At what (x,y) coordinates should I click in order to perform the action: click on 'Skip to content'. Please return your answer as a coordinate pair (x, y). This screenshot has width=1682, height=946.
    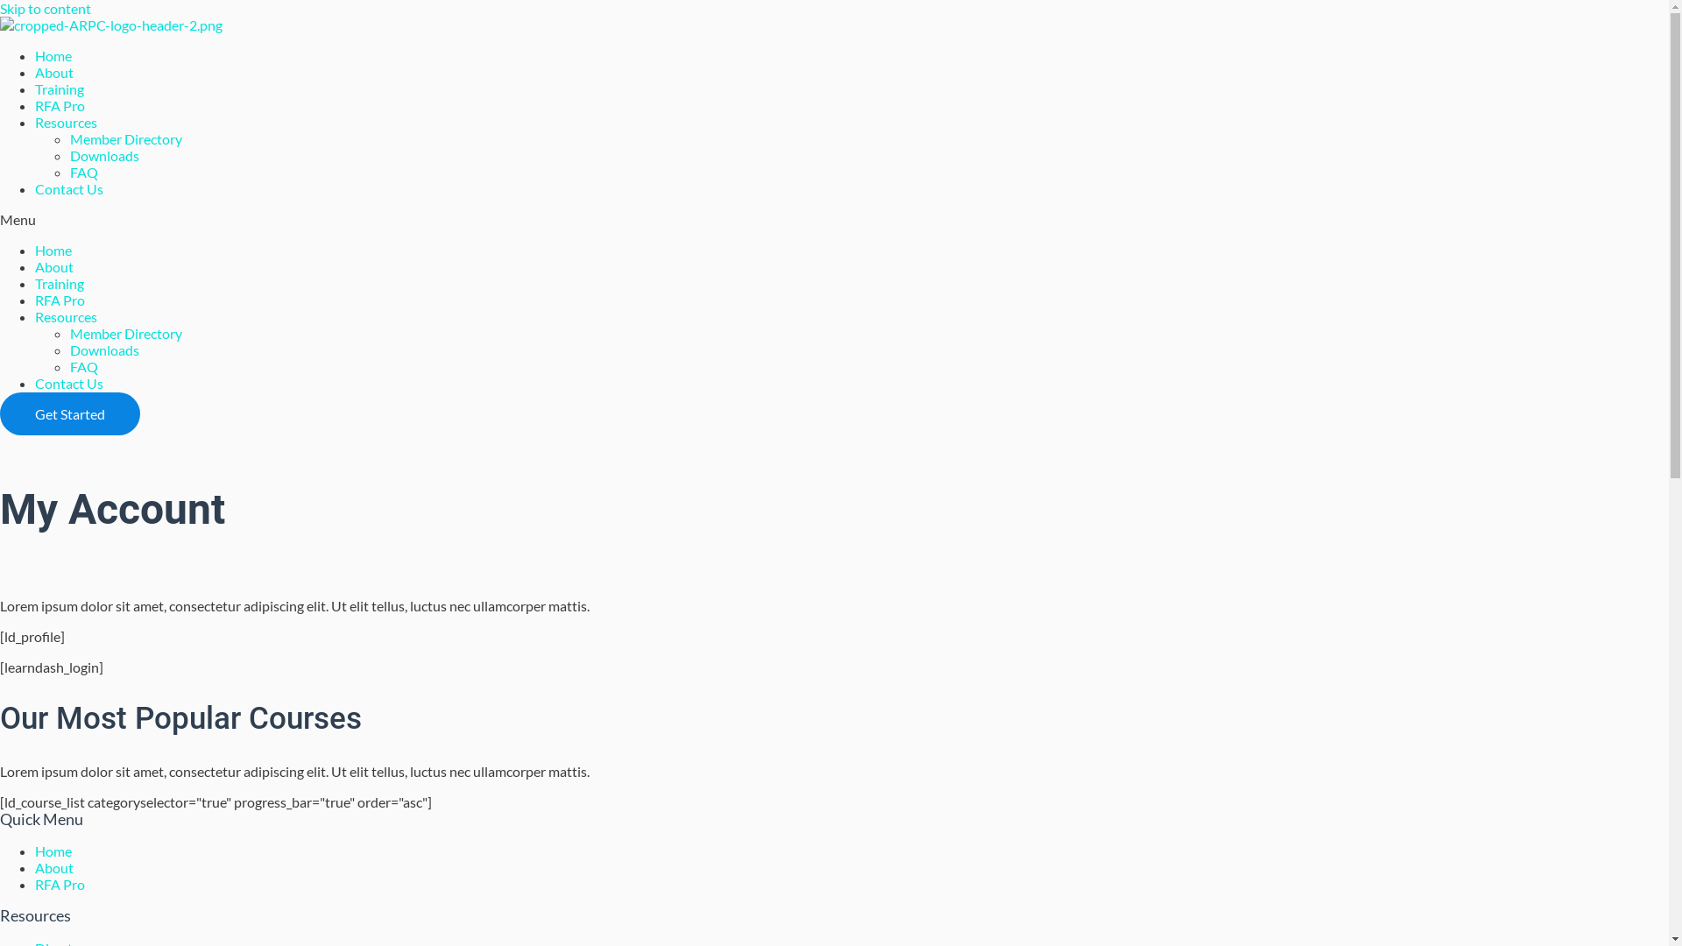
    Looking at the image, I should click on (46, 8).